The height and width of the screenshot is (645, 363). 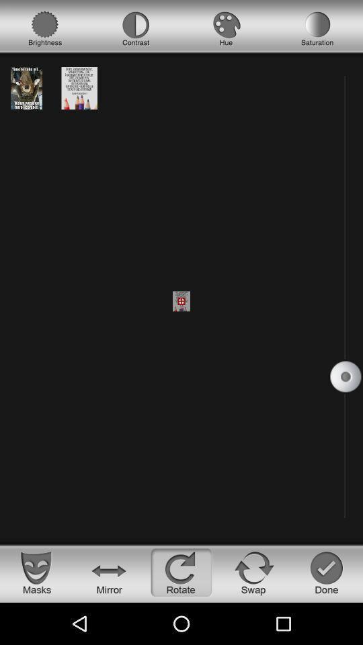 I want to click on new image, so click(x=26, y=87).